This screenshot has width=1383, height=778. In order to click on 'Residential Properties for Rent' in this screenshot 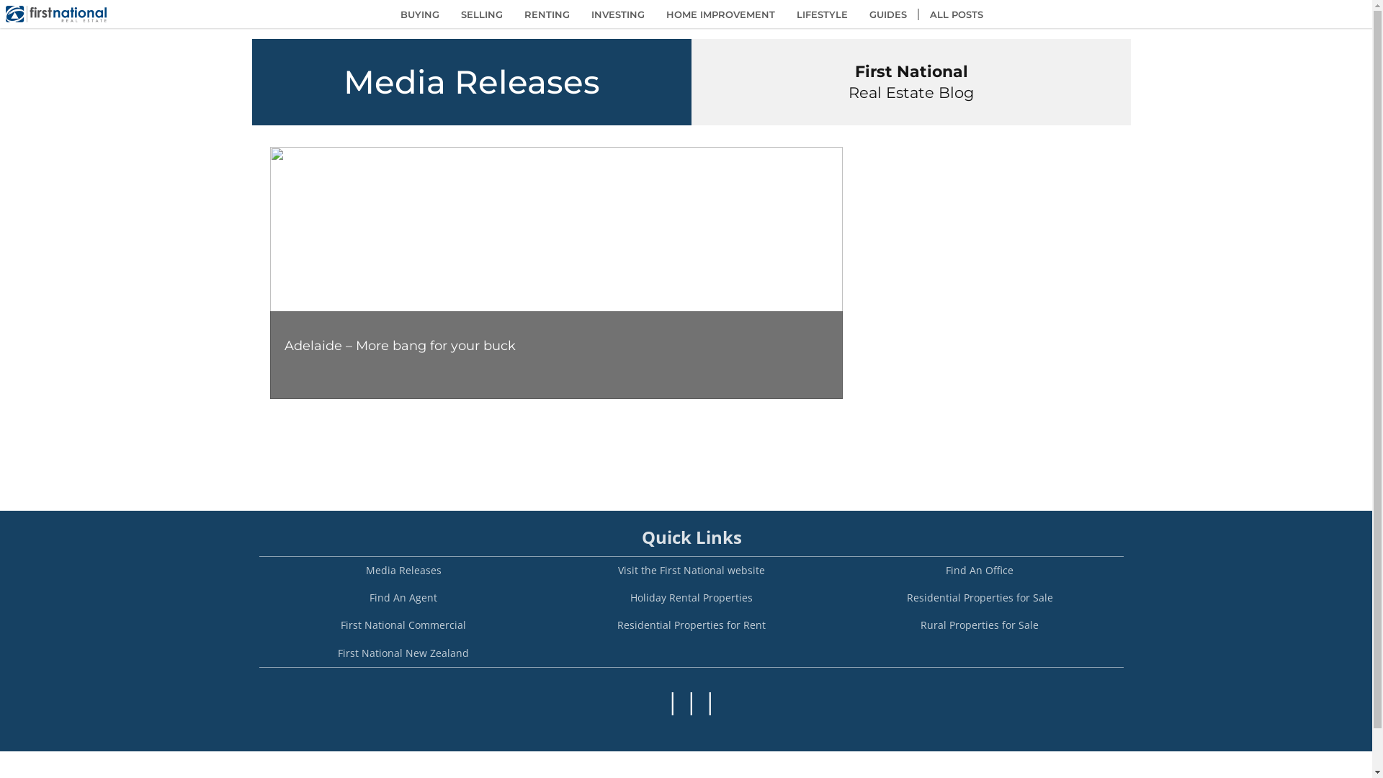, I will do `click(691, 624)`.